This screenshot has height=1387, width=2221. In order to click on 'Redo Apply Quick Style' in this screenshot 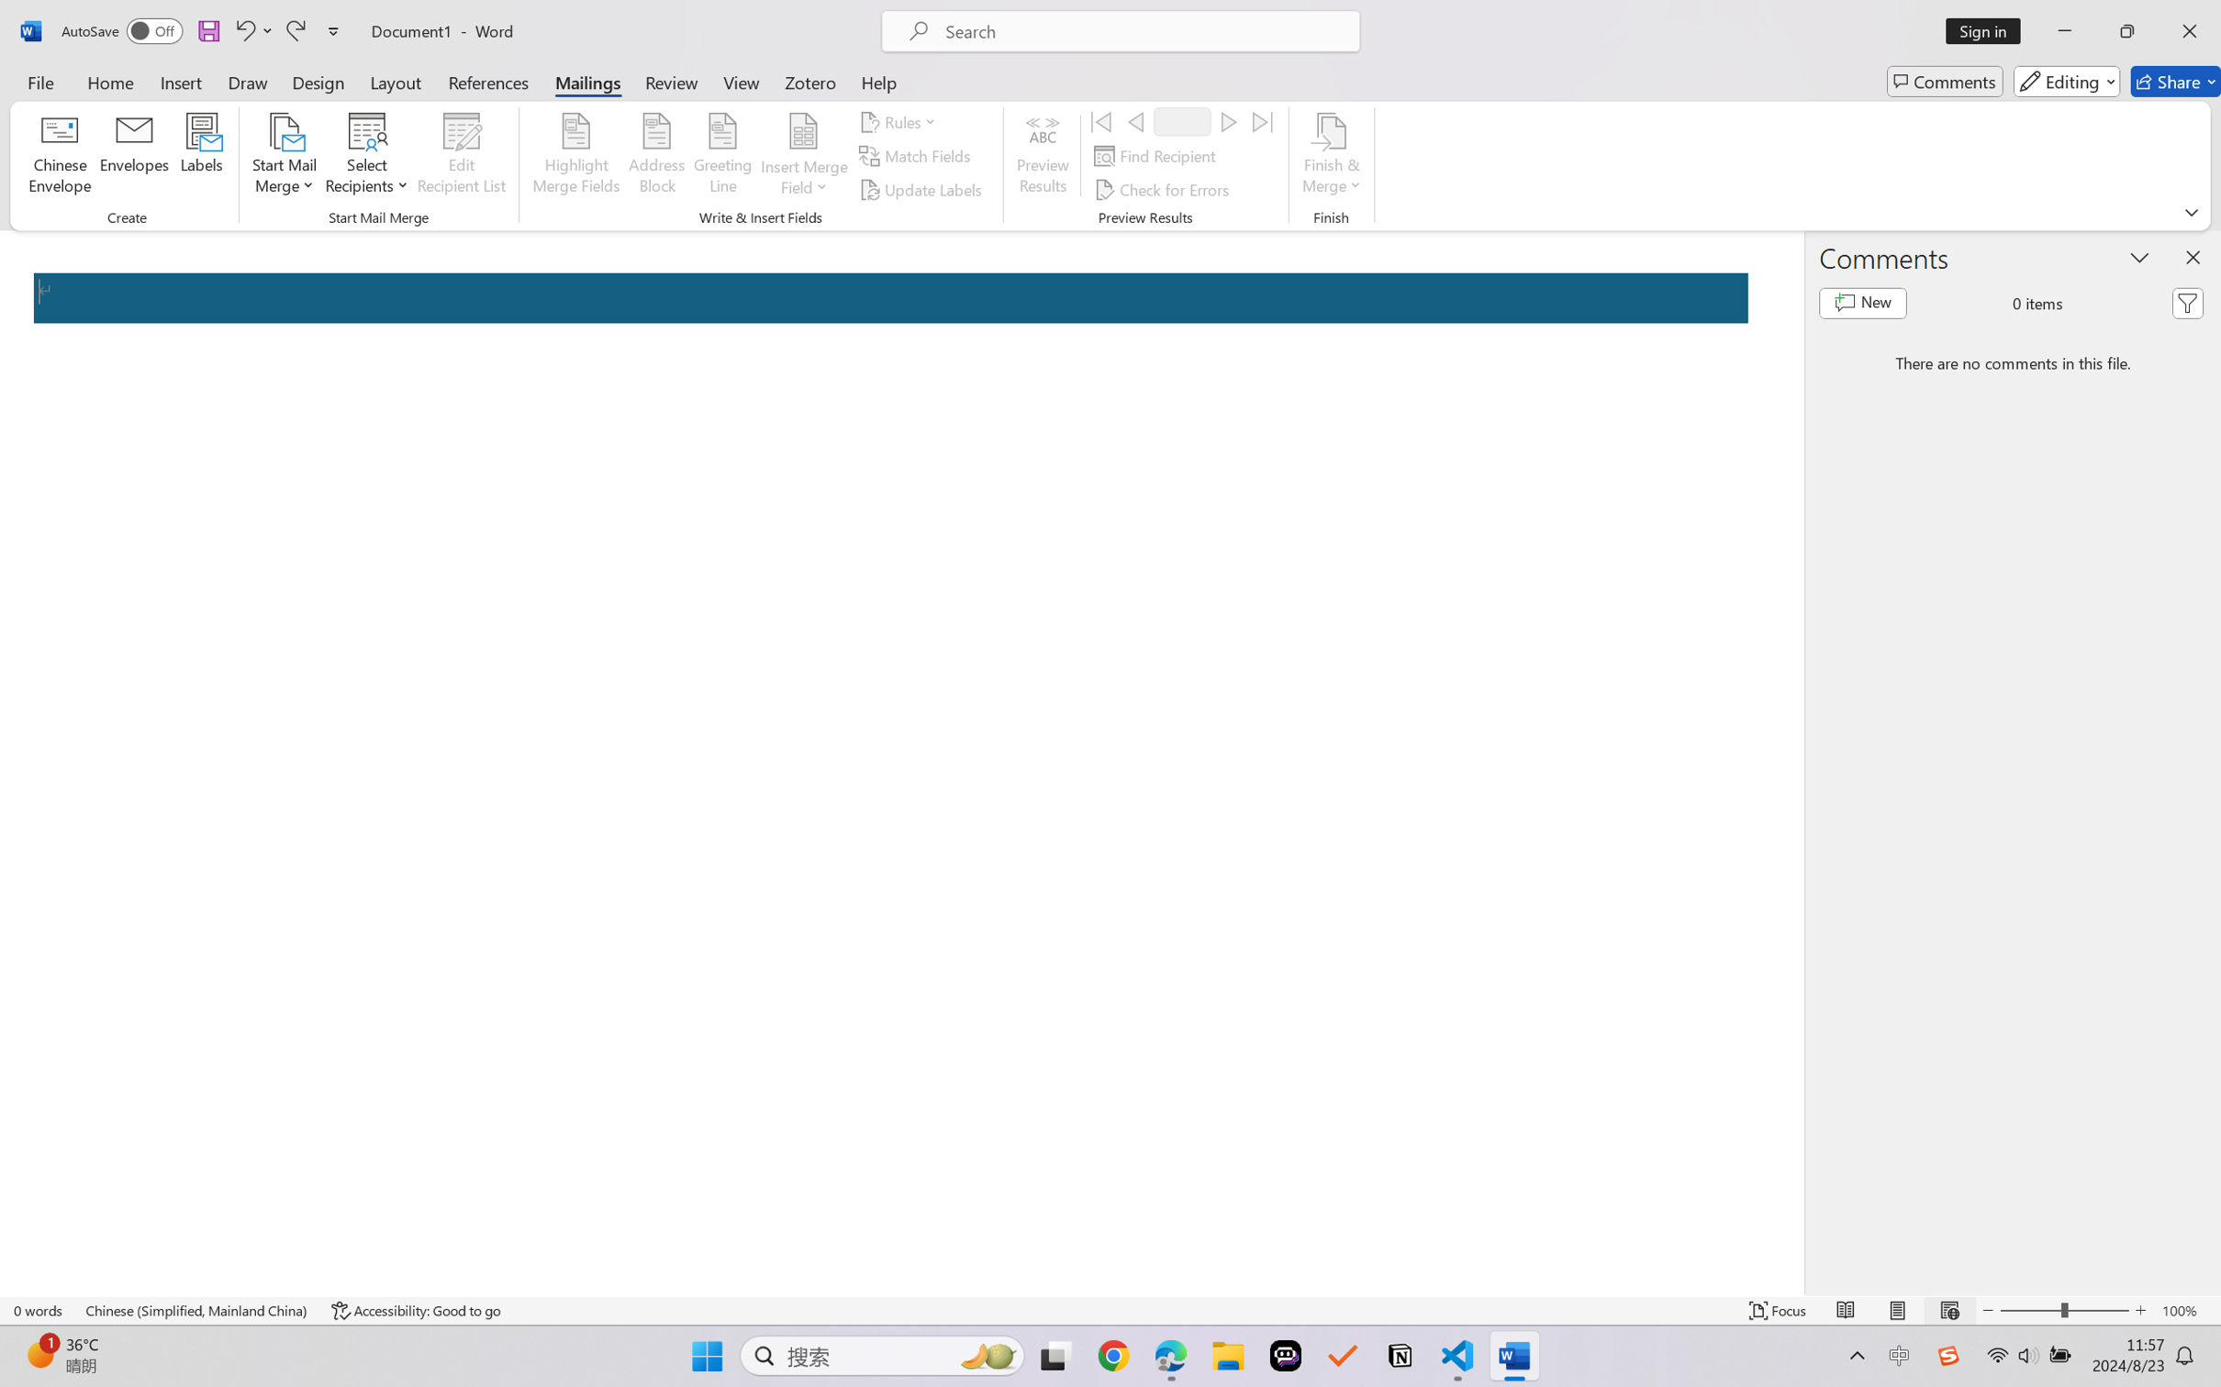, I will do `click(294, 30)`.